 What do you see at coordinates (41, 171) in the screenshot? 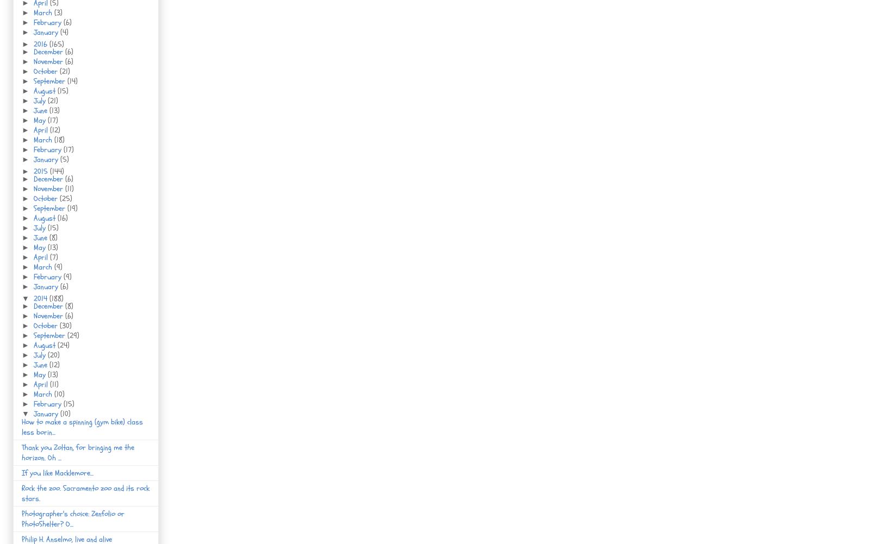
I see `'2015'` at bounding box center [41, 171].